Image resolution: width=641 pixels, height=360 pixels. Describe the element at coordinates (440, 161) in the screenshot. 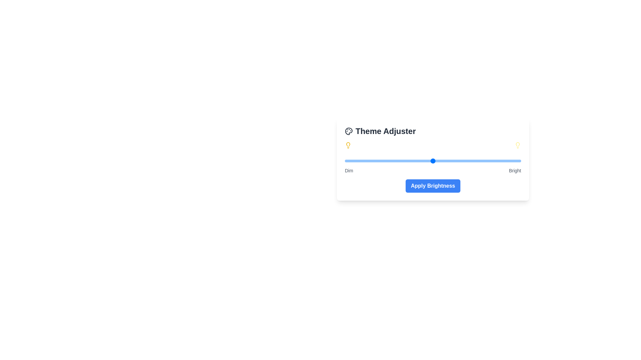

I see `the brightness slider to a specific value 54` at that location.